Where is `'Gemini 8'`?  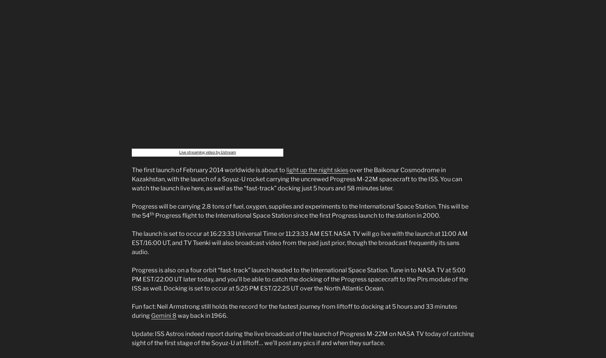
'Gemini 8' is located at coordinates (163, 315).